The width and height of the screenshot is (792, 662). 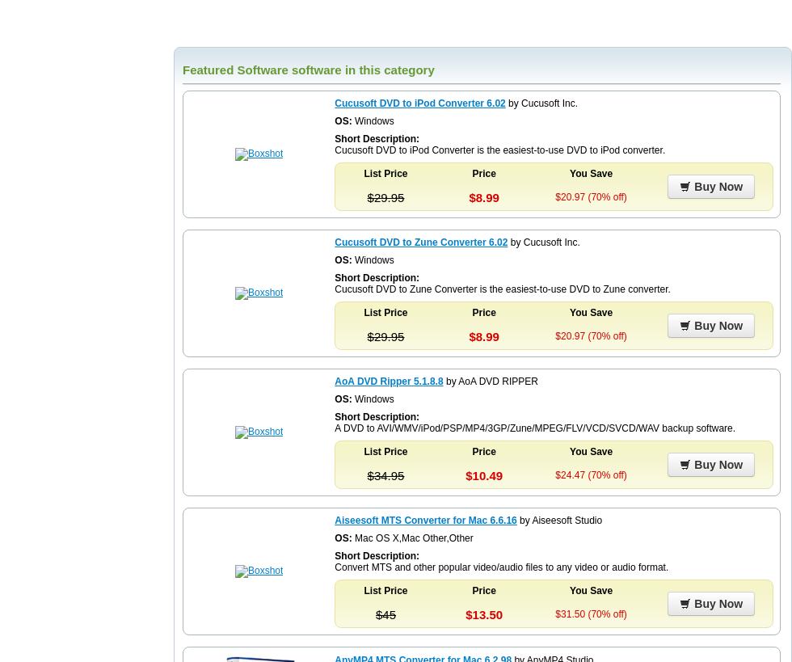 I want to click on 'Mac OS X,Mac Other,Other', so click(x=411, y=538).